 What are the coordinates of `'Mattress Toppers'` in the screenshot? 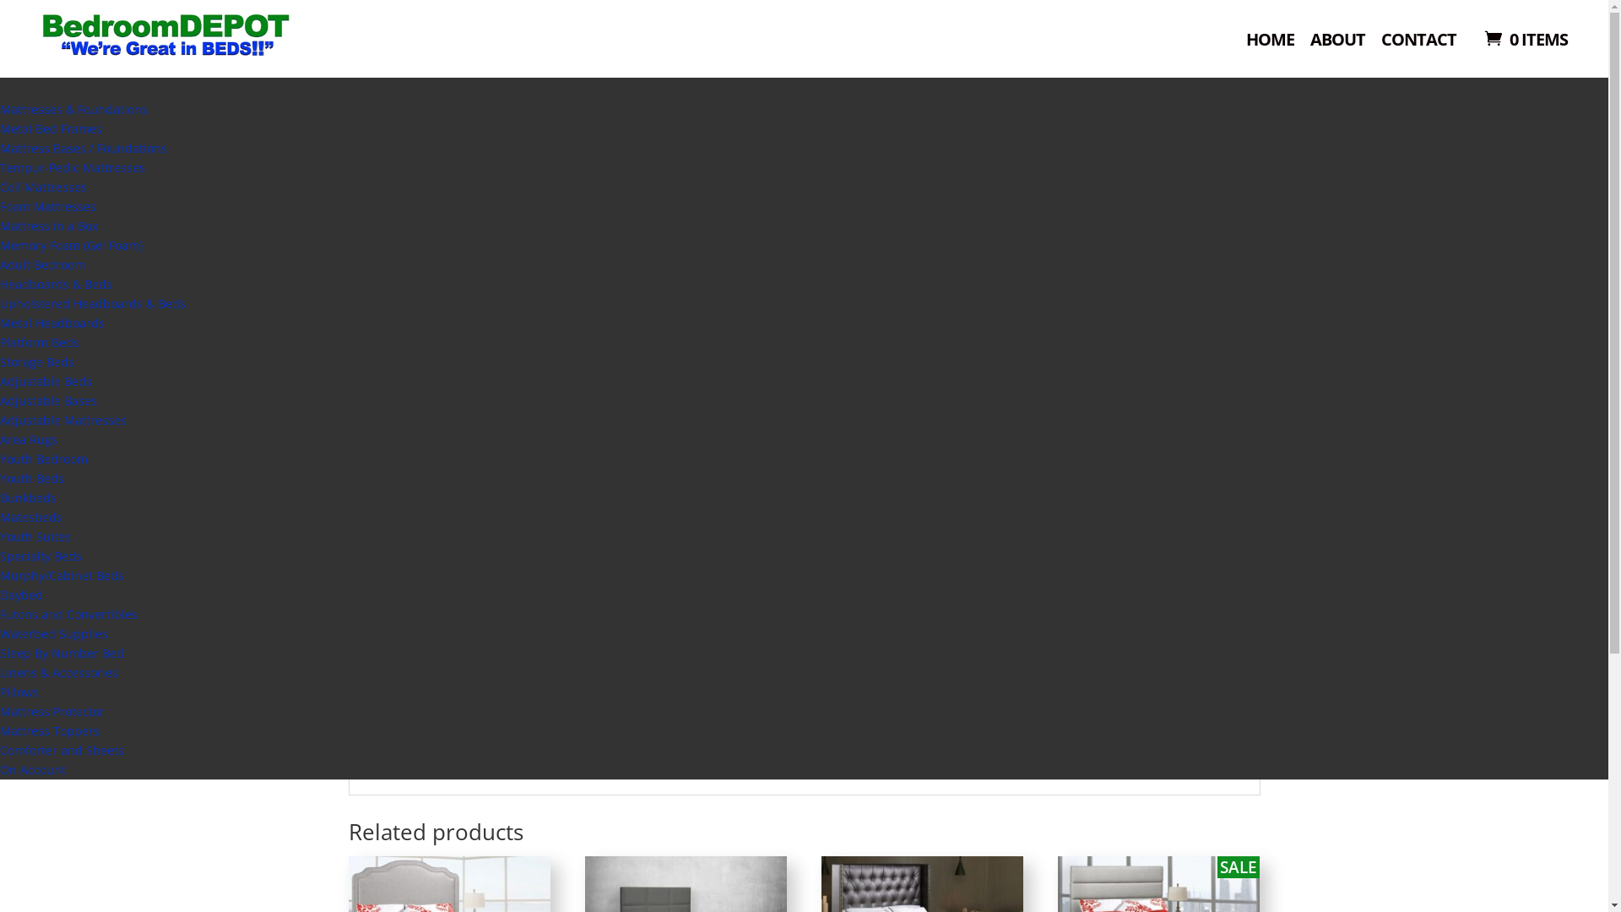 It's located at (49, 730).